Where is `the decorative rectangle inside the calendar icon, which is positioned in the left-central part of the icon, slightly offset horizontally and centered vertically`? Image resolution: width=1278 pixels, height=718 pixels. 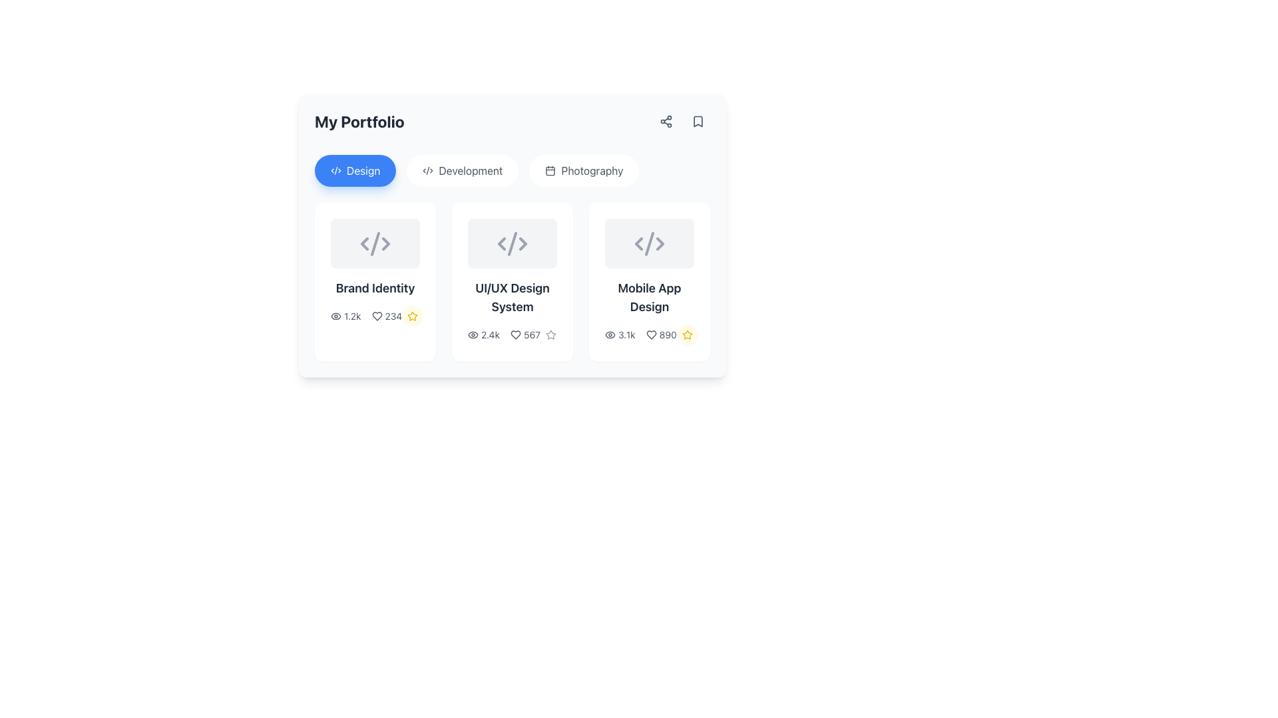
the decorative rectangle inside the calendar icon, which is positioned in the left-central part of the icon, slightly offset horizontally and centered vertically is located at coordinates (550, 170).